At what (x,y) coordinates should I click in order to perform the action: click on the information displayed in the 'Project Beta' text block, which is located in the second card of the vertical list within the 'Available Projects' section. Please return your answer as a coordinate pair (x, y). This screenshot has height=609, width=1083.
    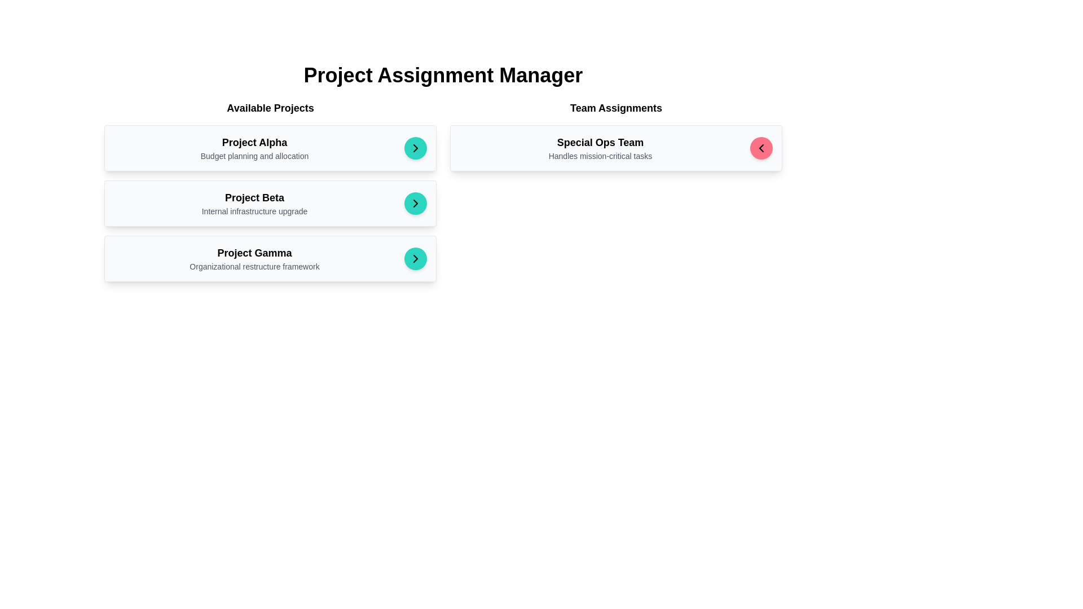
    Looking at the image, I should click on (254, 204).